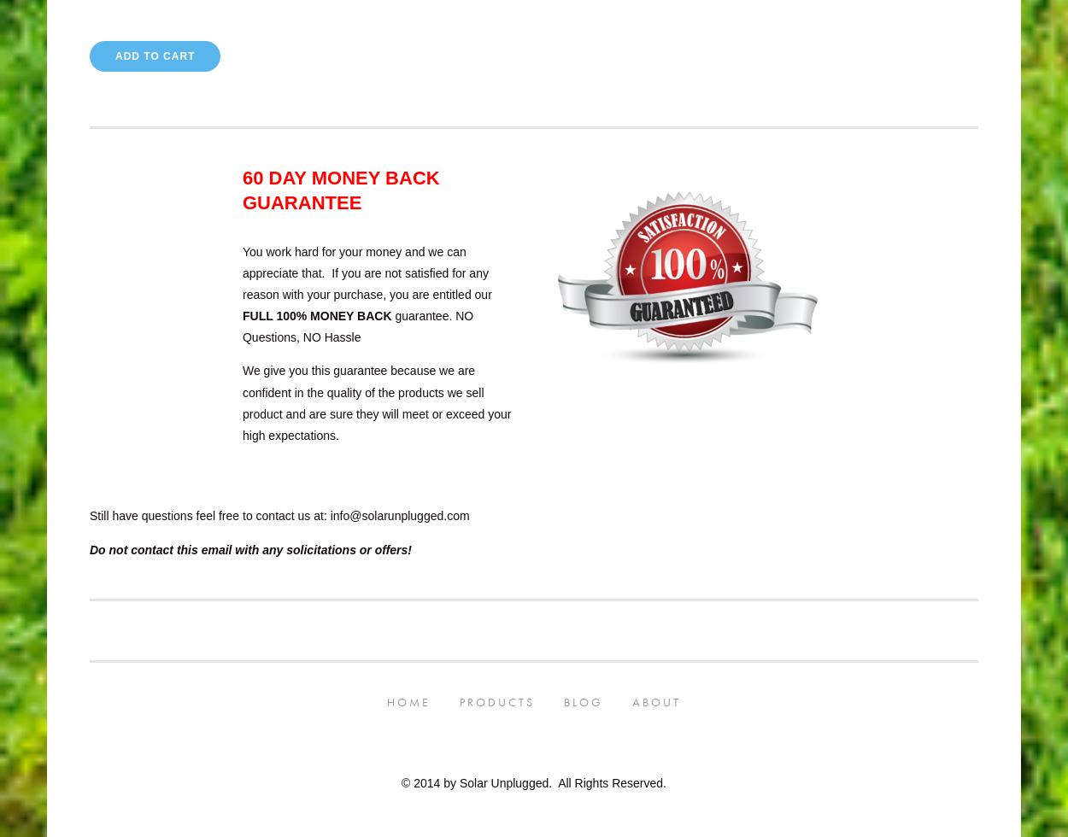  Describe the element at coordinates (252, 548) in the screenshot. I see `'Do not contact this email with any solicitations or offers!'` at that location.